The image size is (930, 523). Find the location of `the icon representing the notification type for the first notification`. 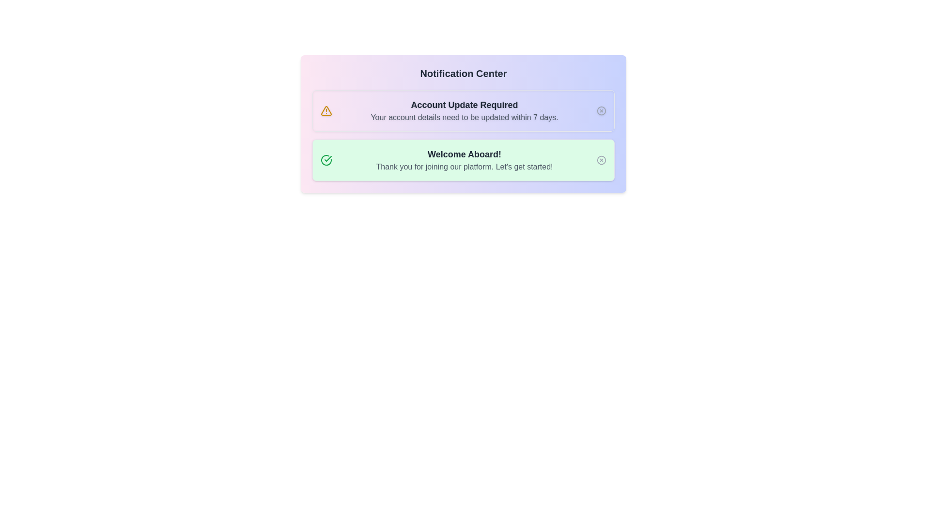

the icon representing the notification type for the first notification is located at coordinates (326, 110).